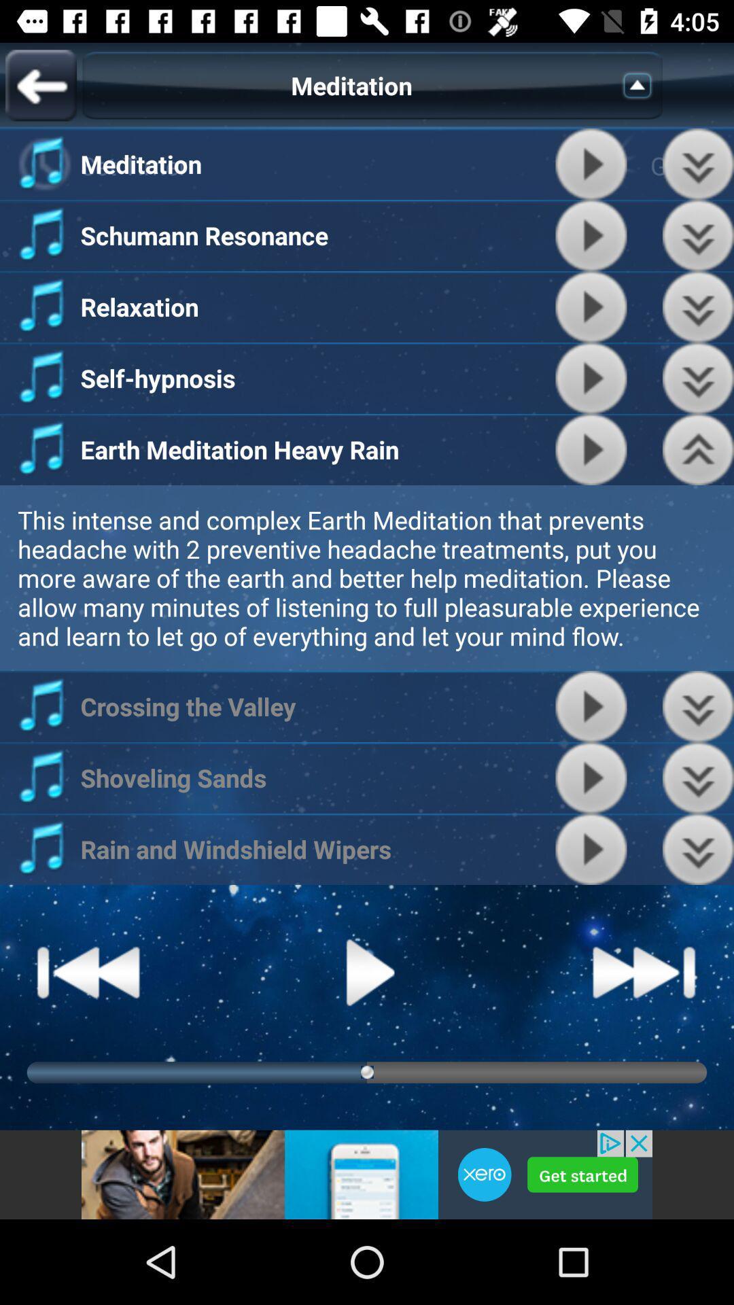 This screenshot has width=734, height=1305. What do you see at coordinates (591, 706) in the screenshot?
I see `song` at bounding box center [591, 706].